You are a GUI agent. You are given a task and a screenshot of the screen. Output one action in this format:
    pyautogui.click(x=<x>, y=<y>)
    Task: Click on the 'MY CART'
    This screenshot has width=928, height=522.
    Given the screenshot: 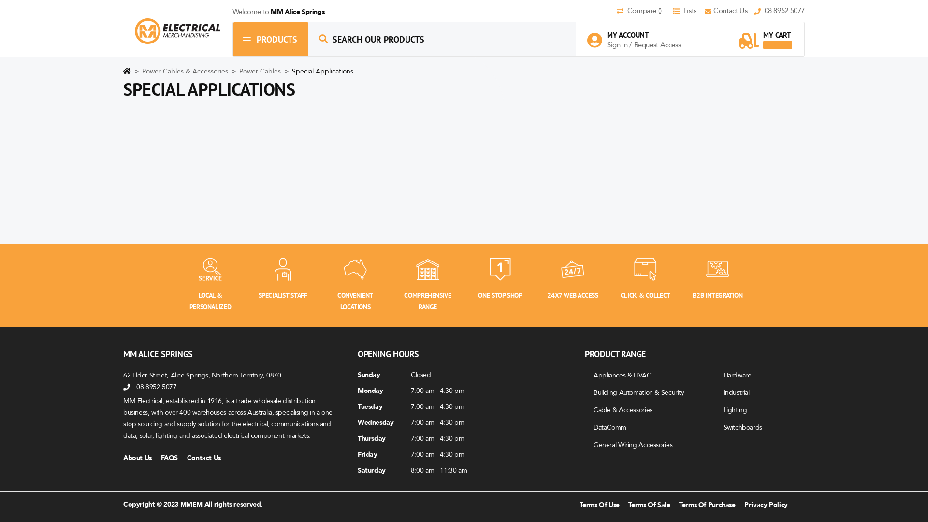 What is the action you would take?
    pyautogui.click(x=765, y=35)
    